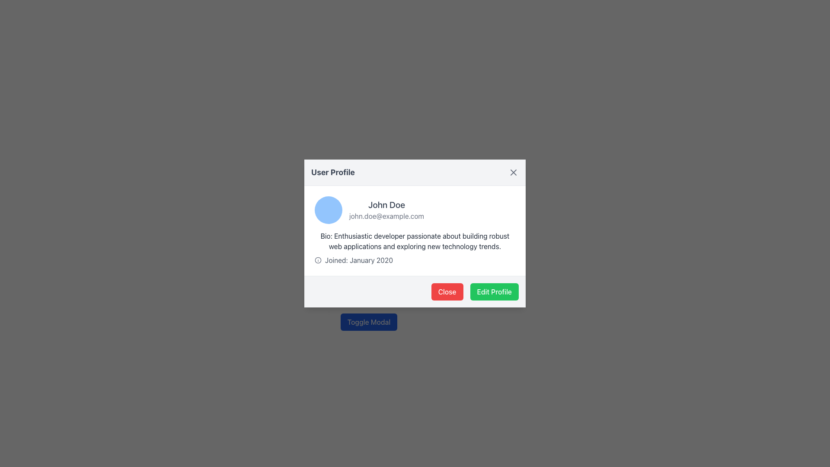  What do you see at coordinates (514, 172) in the screenshot?
I see `the dark diagonal line forming an 'X' shape in the top-right corner of the user profile dialog box` at bounding box center [514, 172].